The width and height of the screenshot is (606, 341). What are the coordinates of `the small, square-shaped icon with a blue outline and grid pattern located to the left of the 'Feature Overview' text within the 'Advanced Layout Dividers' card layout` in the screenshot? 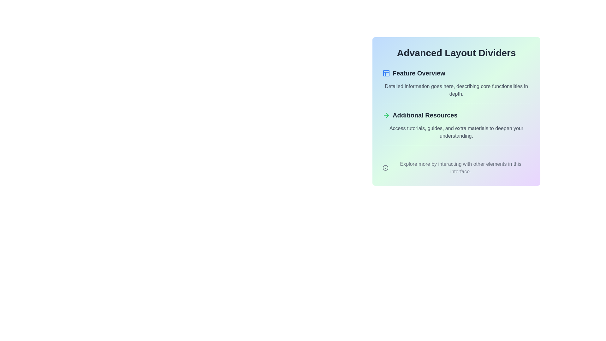 It's located at (386, 73).